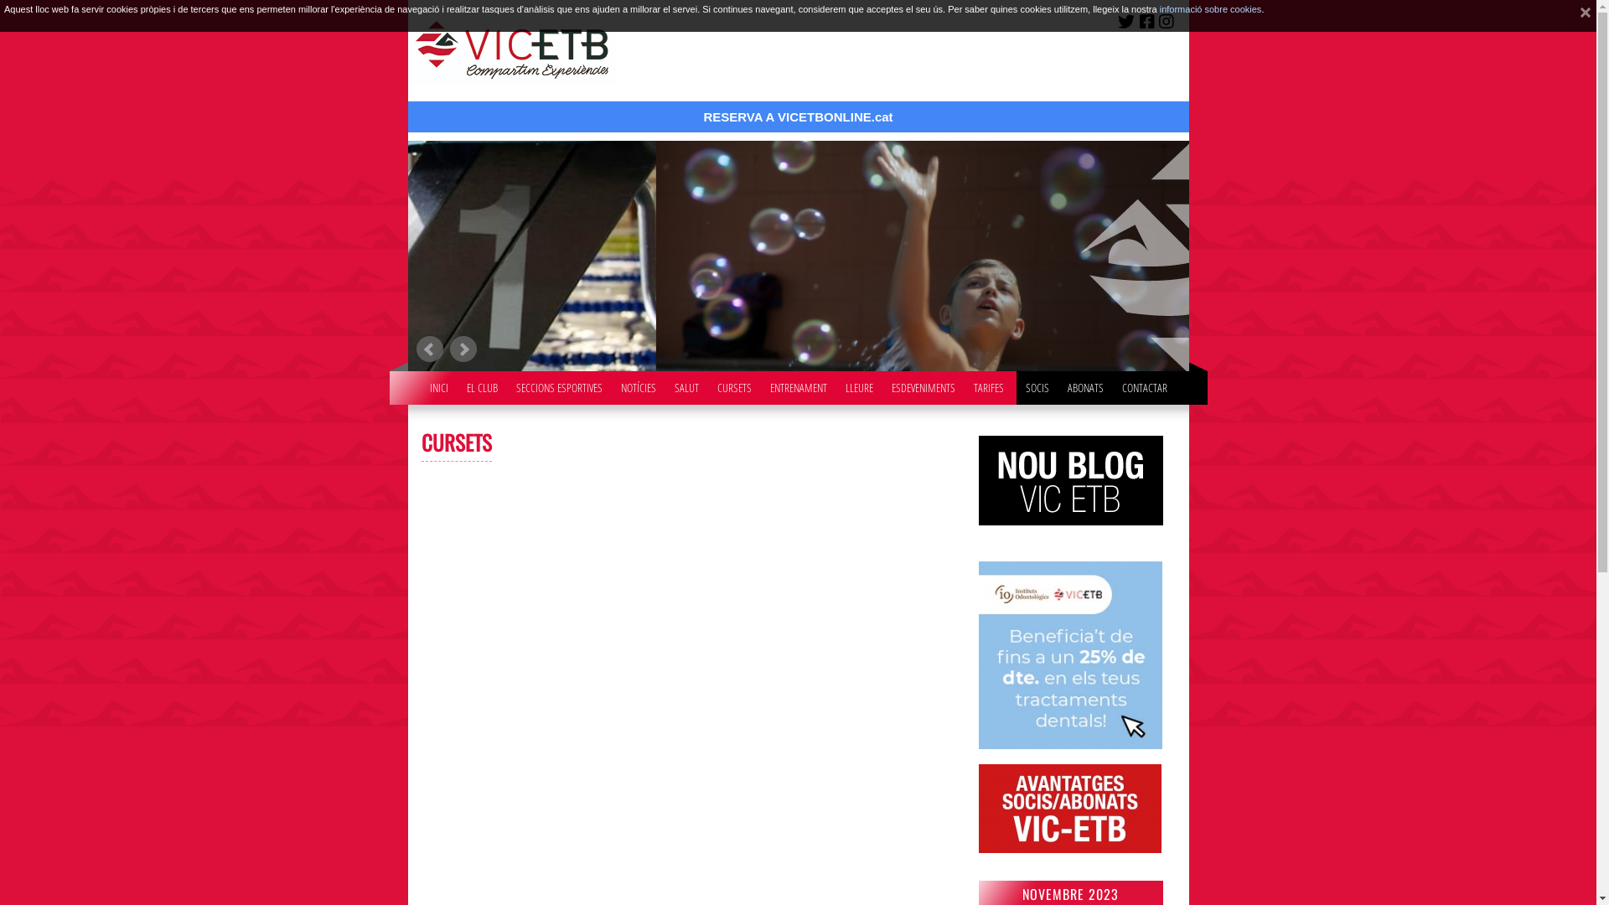  Describe the element at coordinates (559, 384) in the screenshot. I see `'SECCIONS ESPORTIVES'` at that location.